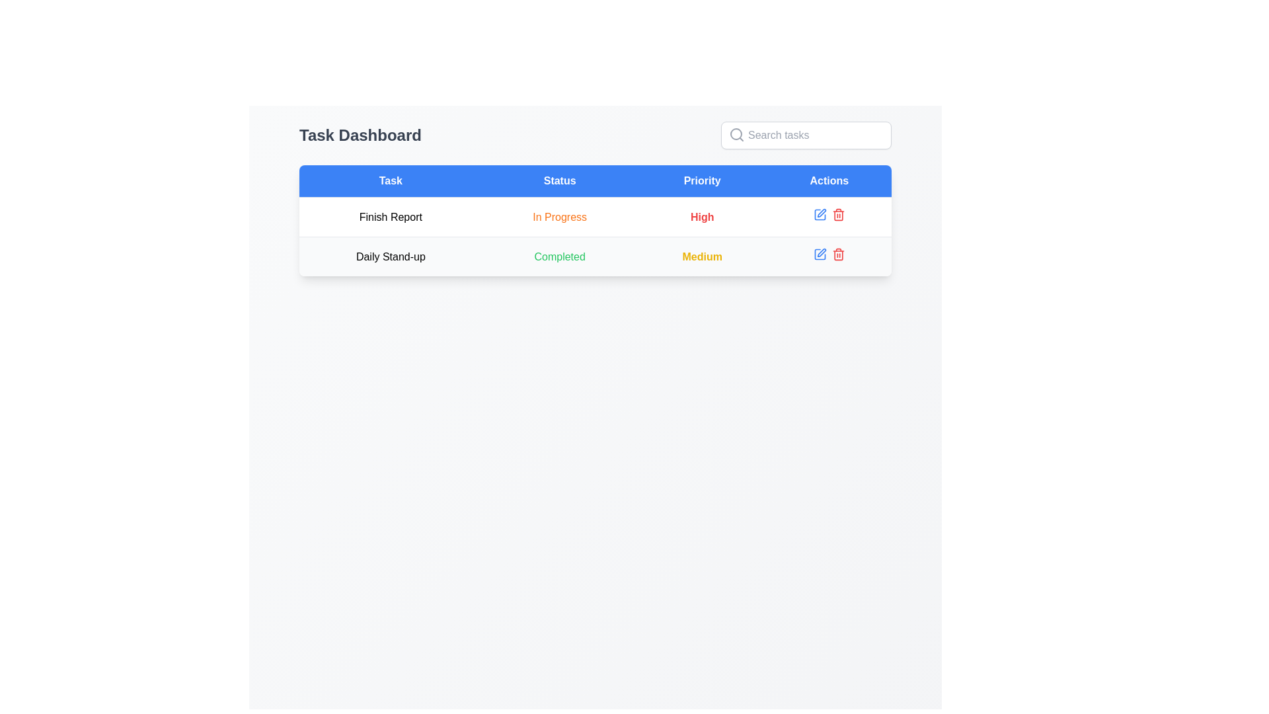 The image size is (1269, 714). I want to click on the 'Priority' column header in the data table to sort the table by priority, so click(701, 181).